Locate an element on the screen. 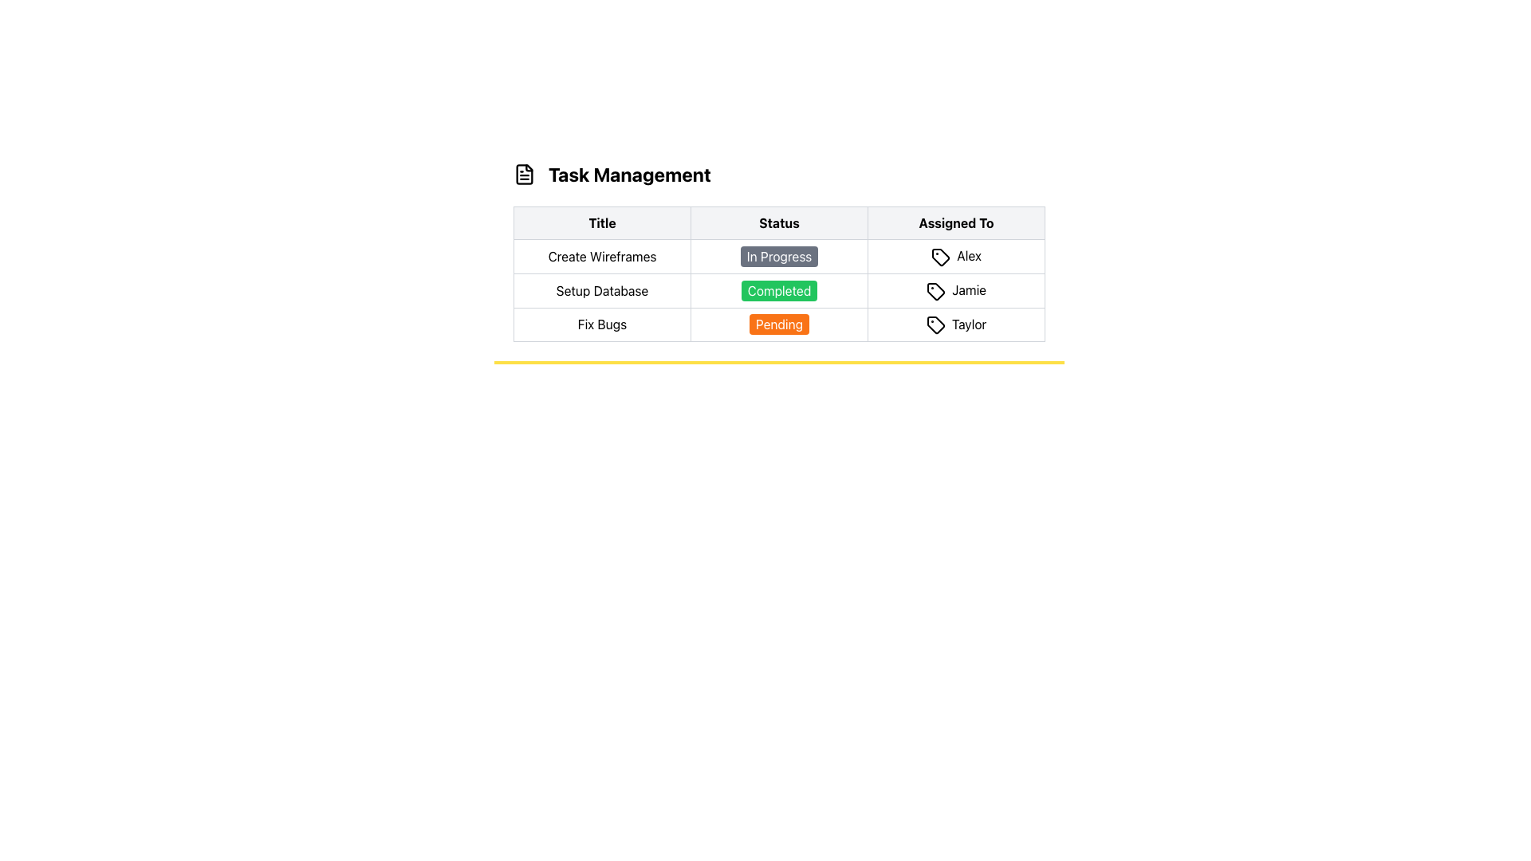 The width and height of the screenshot is (1531, 861). the Status indicator badge that displays 'In Progress' located in the first row of the 'Task Management' table is located at coordinates (779, 255).